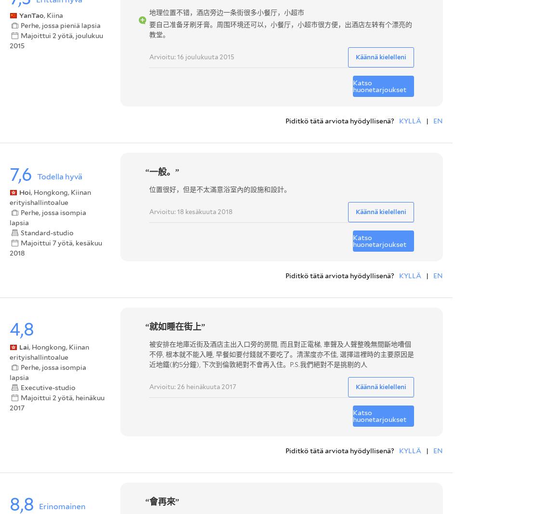  Describe the element at coordinates (37, 176) in the screenshot. I see `'Todella hyvä'` at that location.